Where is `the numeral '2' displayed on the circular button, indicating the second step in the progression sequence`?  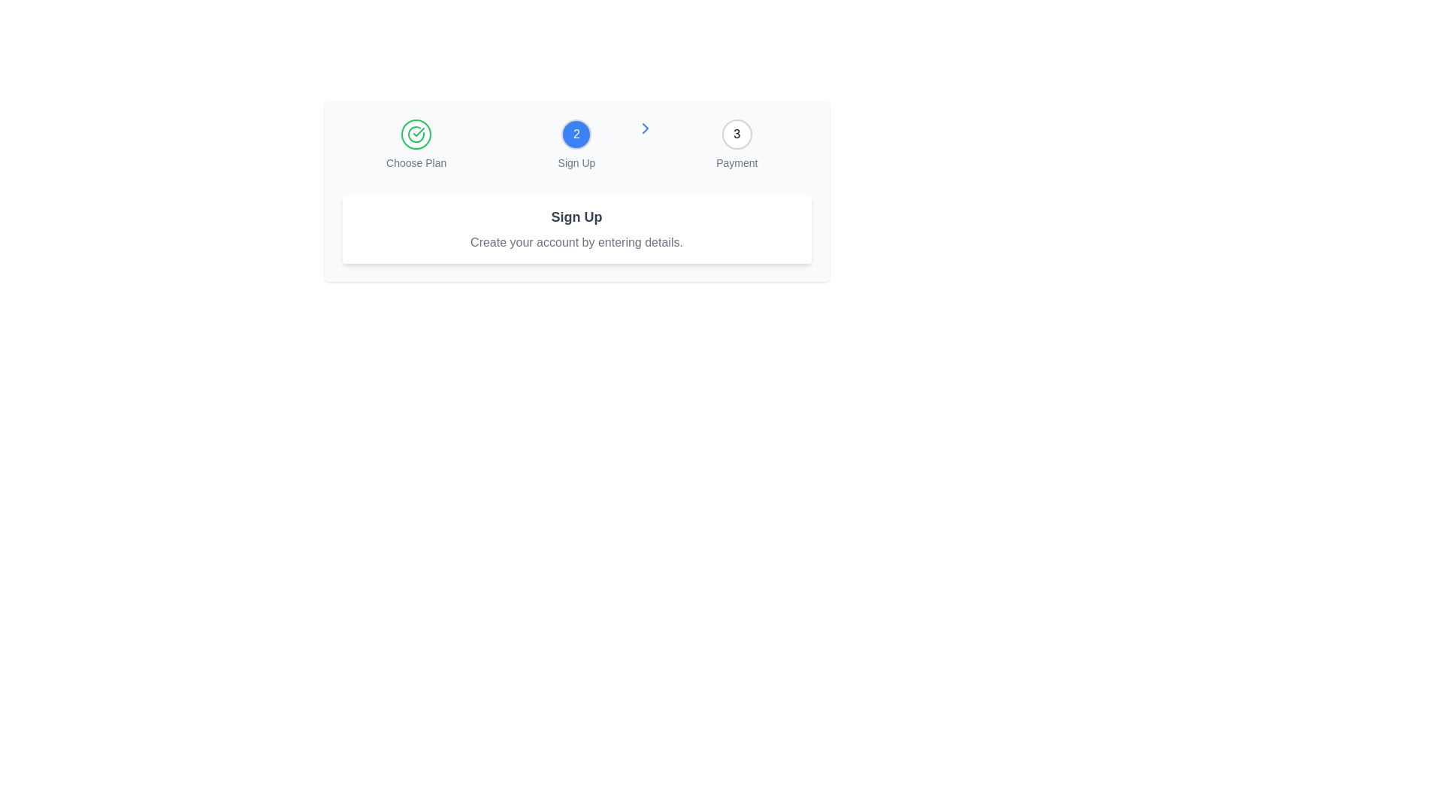 the numeral '2' displayed on the circular button, indicating the second step in the progression sequence is located at coordinates (576, 133).